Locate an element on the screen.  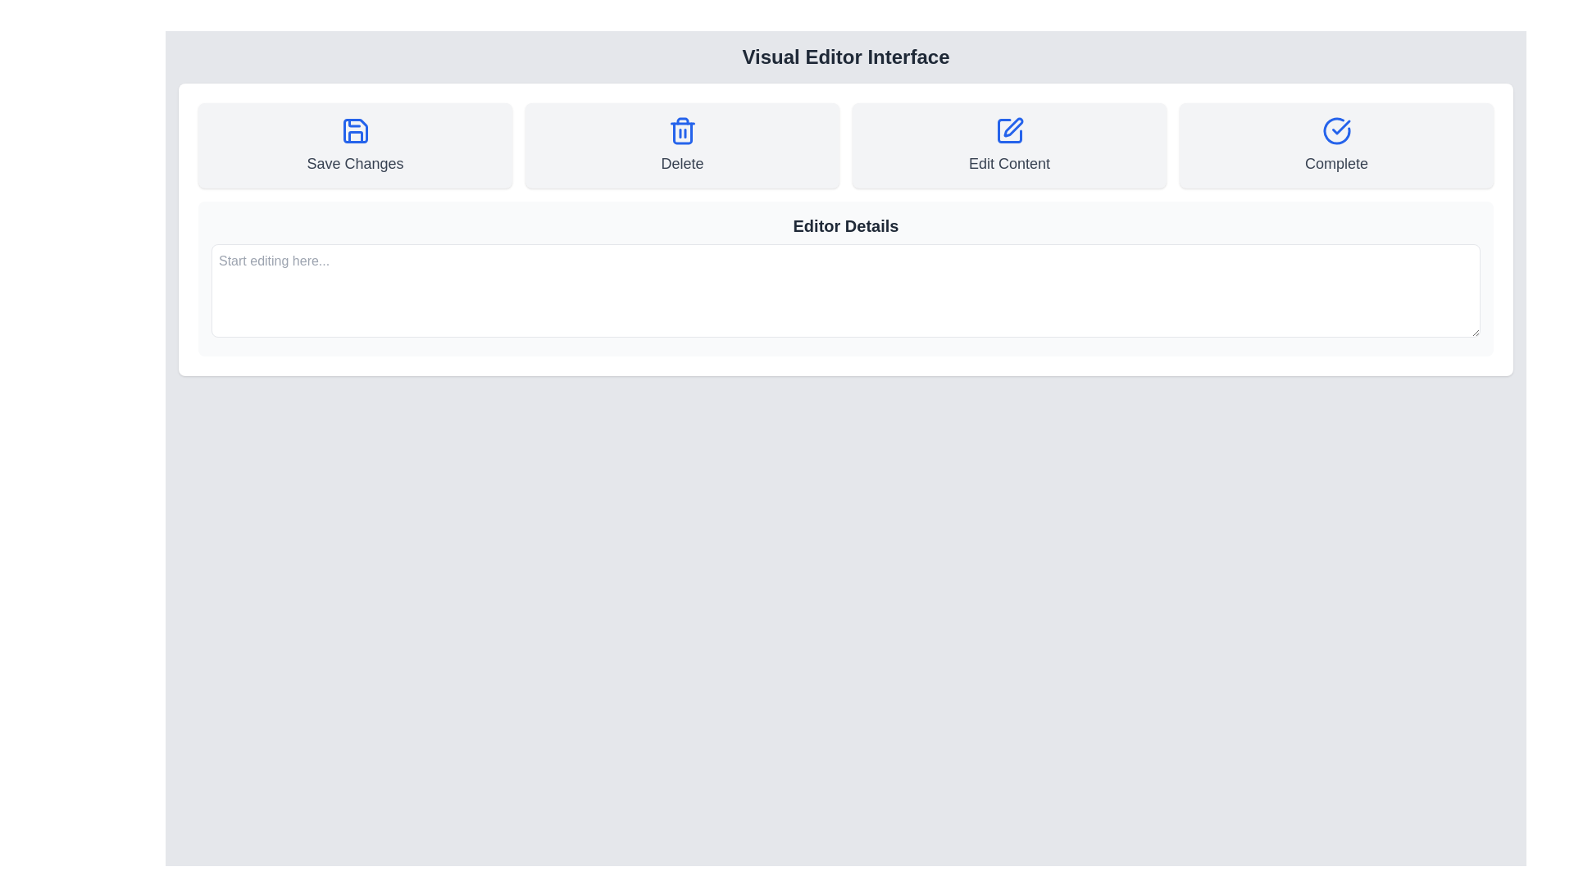
the 'Delete' text label, which is styled in medium weight gray font and located below a trash can icon in the options section is located at coordinates (682, 164).